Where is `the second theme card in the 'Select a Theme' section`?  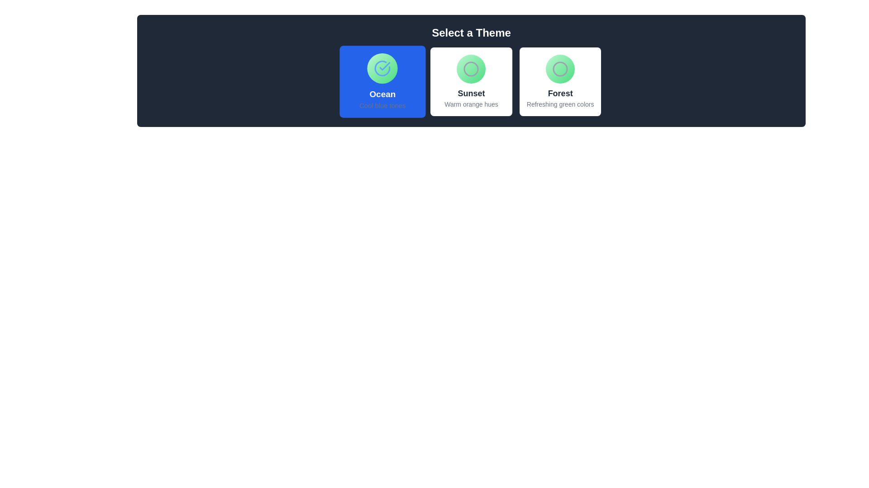
the second theme card in the 'Select a Theme' section is located at coordinates (471, 82).